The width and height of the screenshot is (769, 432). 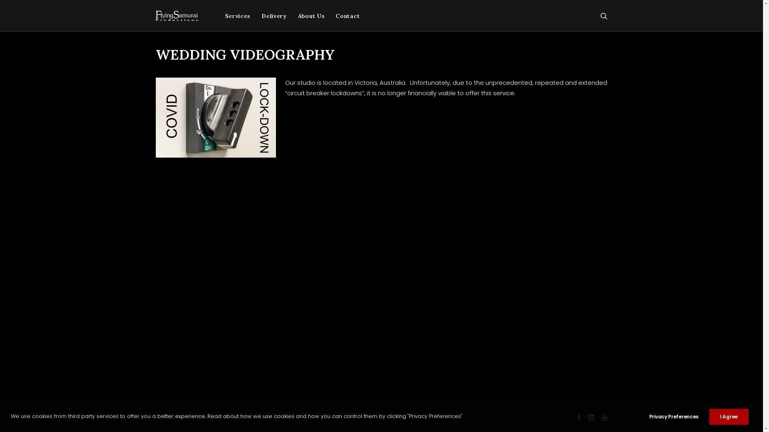 What do you see at coordinates (255, 16) in the screenshot?
I see `'Delivery'` at bounding box center [255, 16].